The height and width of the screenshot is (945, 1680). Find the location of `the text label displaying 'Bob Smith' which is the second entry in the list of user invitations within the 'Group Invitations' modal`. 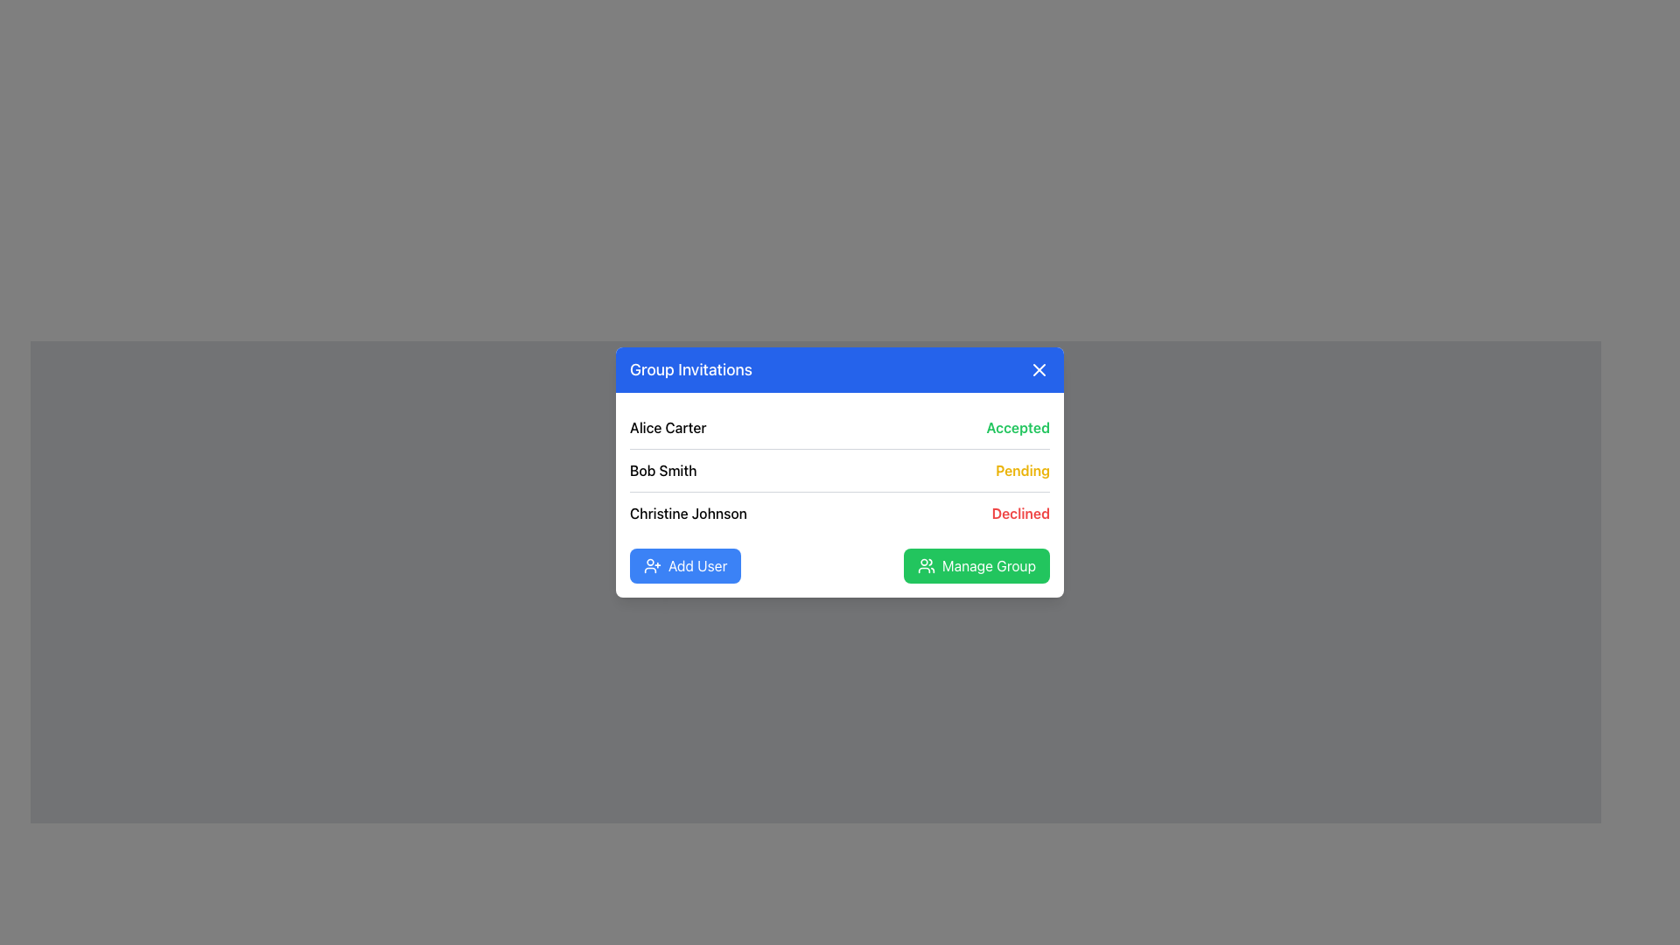

the text label displaying 'Bob Smith' which is the second entry in the list of user invitations within the 'Group Invitations' modal is located at coordinates (662, 469).